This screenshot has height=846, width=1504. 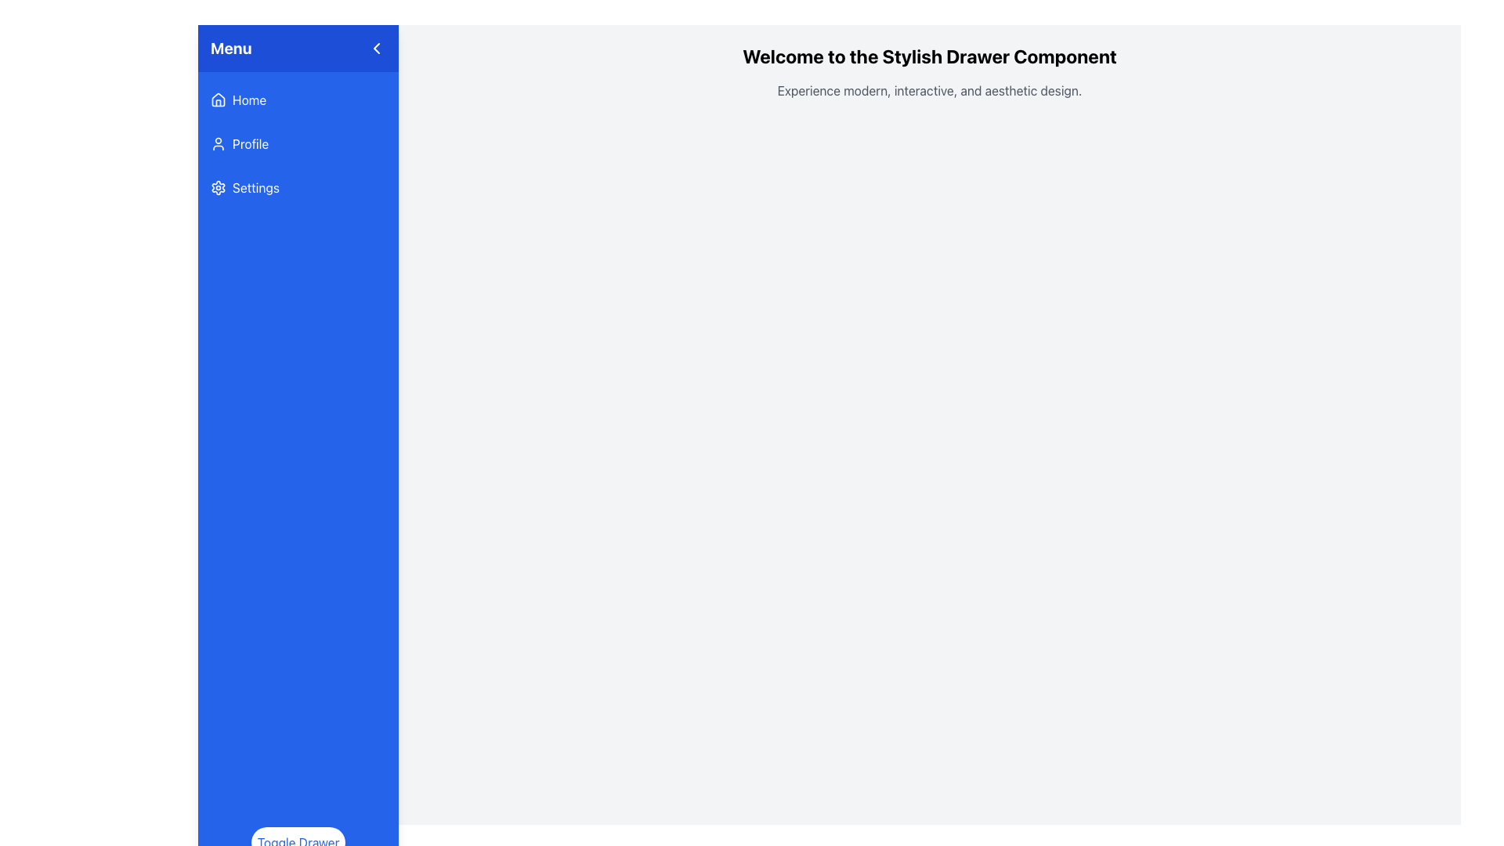 I want to click on the left-pointing arrow icon button located in the top blue header section of the sidebar, which is styled in white and adjacent to the 'Menu' text, so click(x=376, y=47).